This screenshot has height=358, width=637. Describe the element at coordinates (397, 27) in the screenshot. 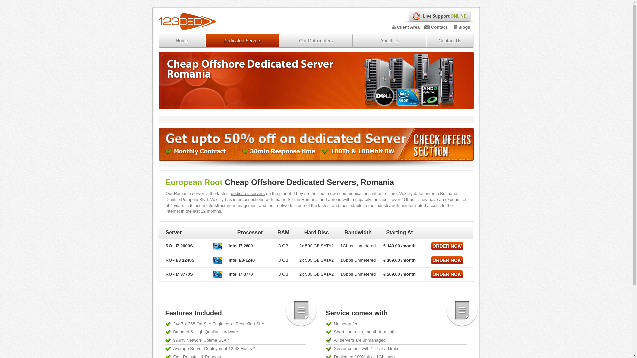

I see `'Client Area'` at that location.